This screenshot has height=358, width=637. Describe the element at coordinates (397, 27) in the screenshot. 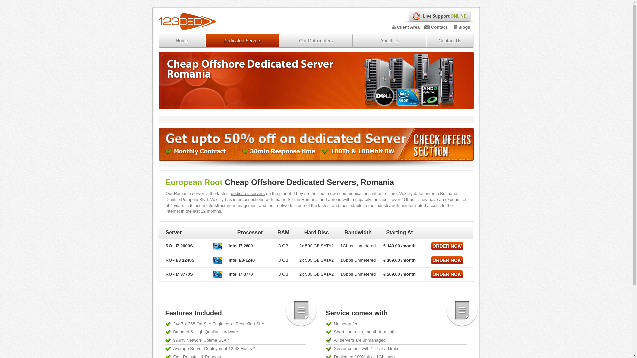

I see `'Client Area'` at that location.